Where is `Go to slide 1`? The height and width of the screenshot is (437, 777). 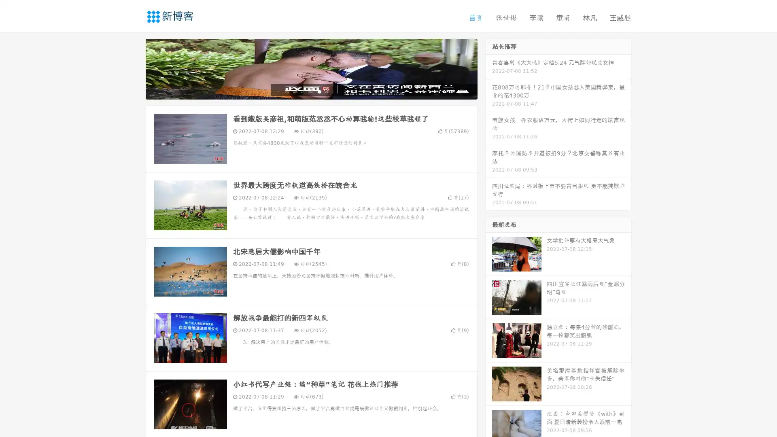
Go to slide 1 is located at coordinates (303, 91).